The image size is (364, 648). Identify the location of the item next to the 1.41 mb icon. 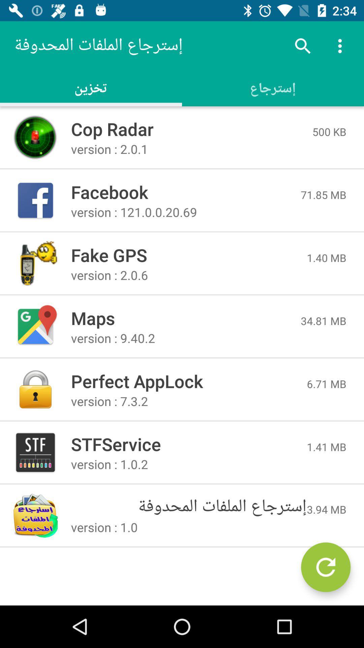
(189, 444).